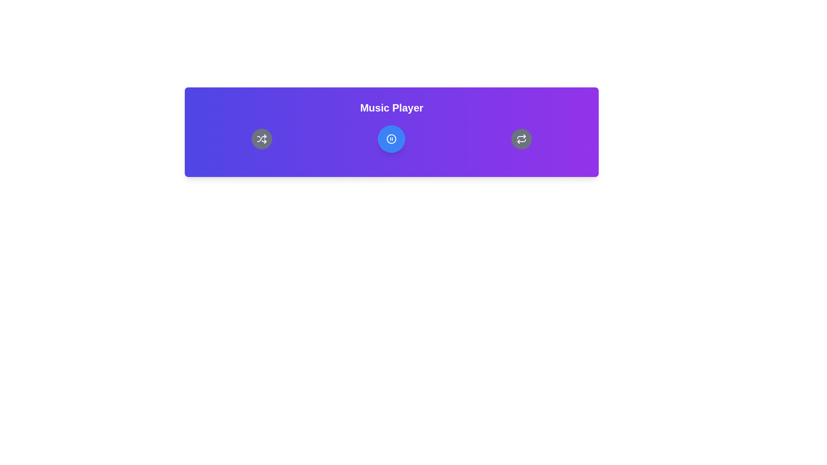 This screenshot has height=465, width=827. I want to click on the repeat icon button located on the right-hand side of the Music Player interface, so click(521, 139).